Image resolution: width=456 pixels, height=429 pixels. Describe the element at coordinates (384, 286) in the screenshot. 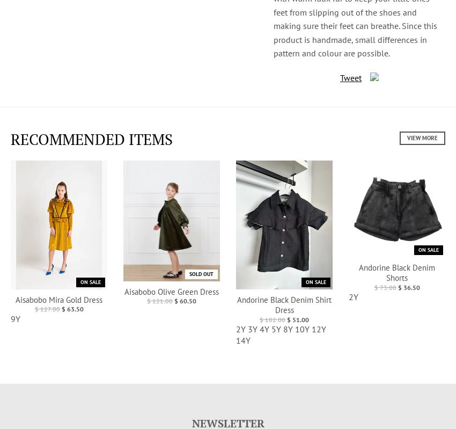

I see `'$ 73.00'` at that location.